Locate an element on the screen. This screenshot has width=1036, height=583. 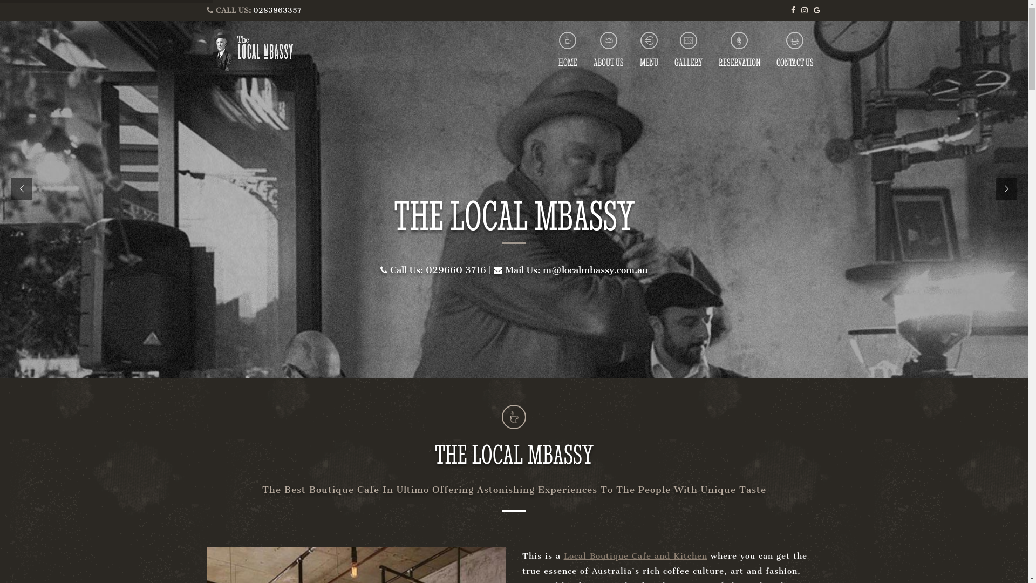
'CONTACT US' is located at coordinates (775, 50).